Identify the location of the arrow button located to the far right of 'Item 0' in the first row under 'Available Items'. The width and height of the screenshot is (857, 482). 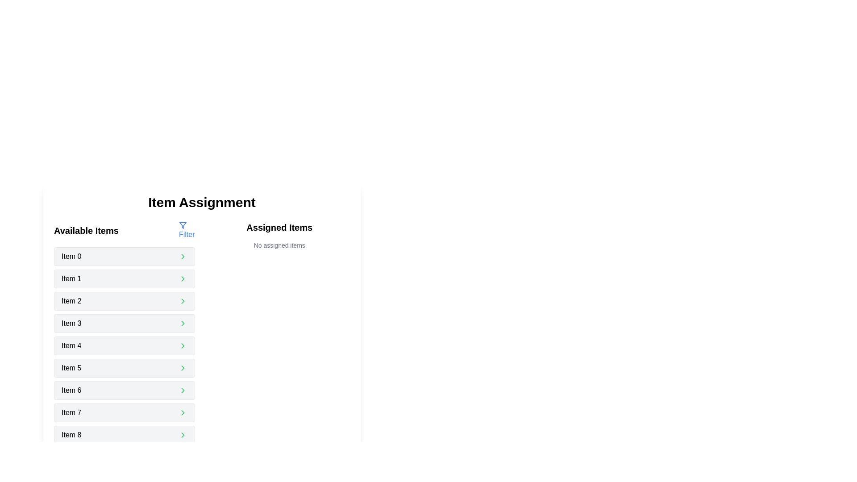
(182, 256).